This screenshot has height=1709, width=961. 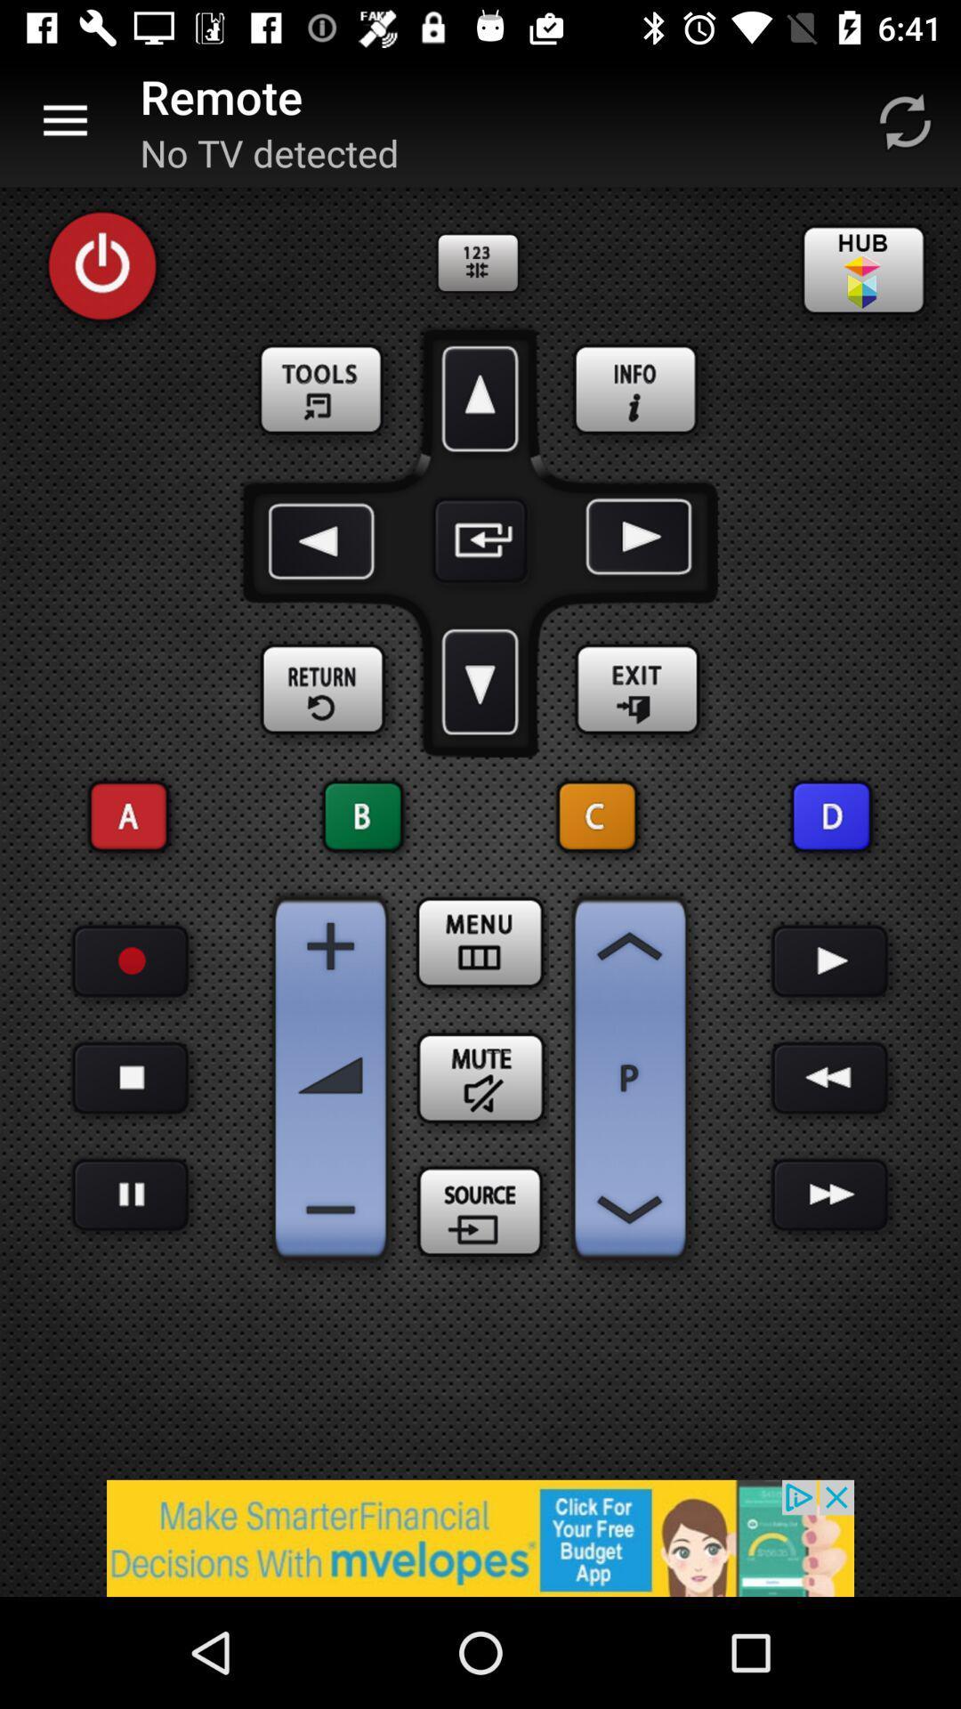 What do you see at coordinates (325, 539) in the screenshot?
I see `left` at bounding box center [325, 539].